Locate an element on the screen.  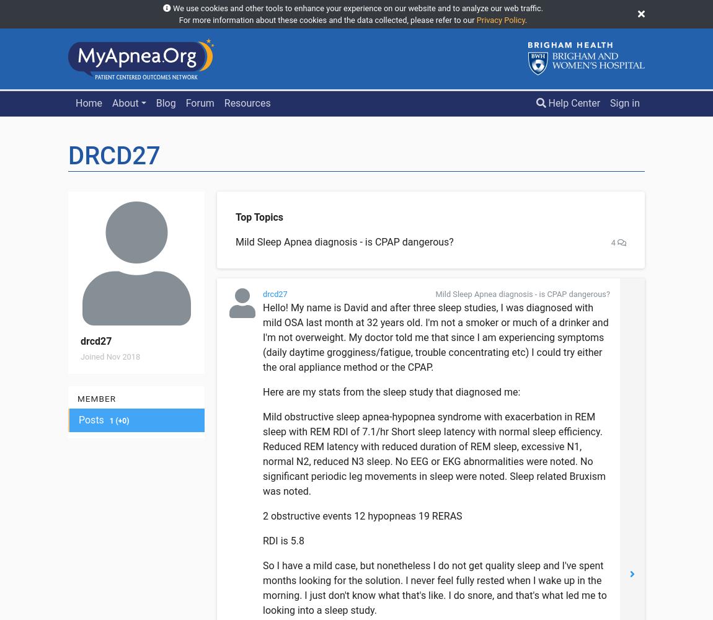
'So I have a mild case, but nonetheless I do not get quality sleep and I've spent months looking for the solution. I never feel fully rested when I wake up in the morning. I just don't know what that's like. I do snore, and that's what led me to looking into a sleep study.' is located at coordinates (434, 587).